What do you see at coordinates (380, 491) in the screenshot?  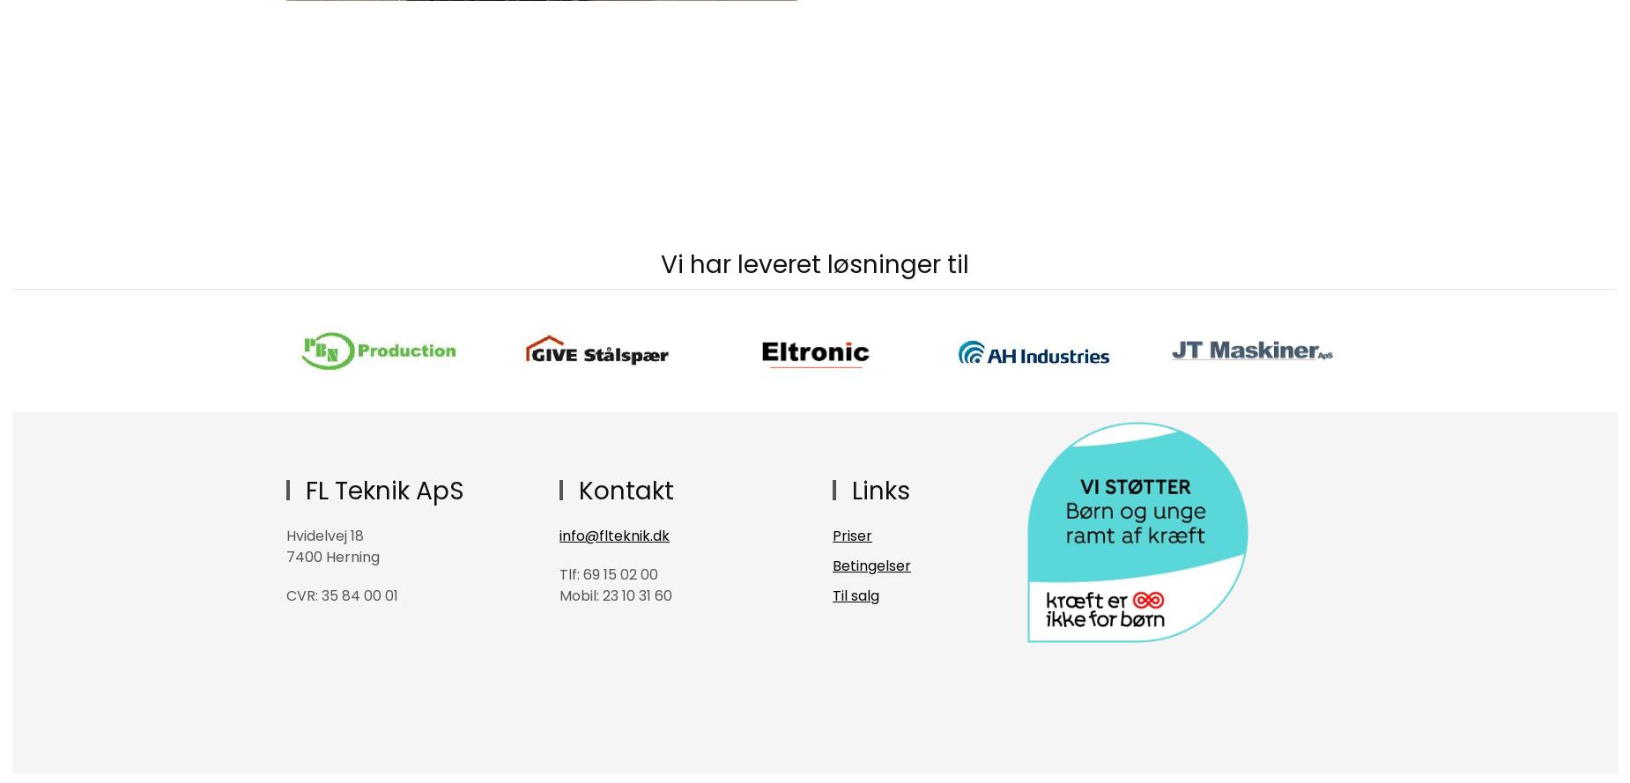 I see `'FL Teknik ApS'` at bounding box center [380, 491].